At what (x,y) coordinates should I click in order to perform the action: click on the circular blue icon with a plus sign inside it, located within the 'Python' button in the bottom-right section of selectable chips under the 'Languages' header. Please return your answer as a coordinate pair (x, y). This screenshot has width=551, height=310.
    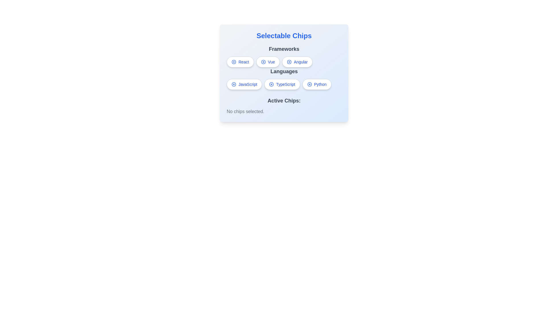
    Looking at the image, I should click on (309, 84).